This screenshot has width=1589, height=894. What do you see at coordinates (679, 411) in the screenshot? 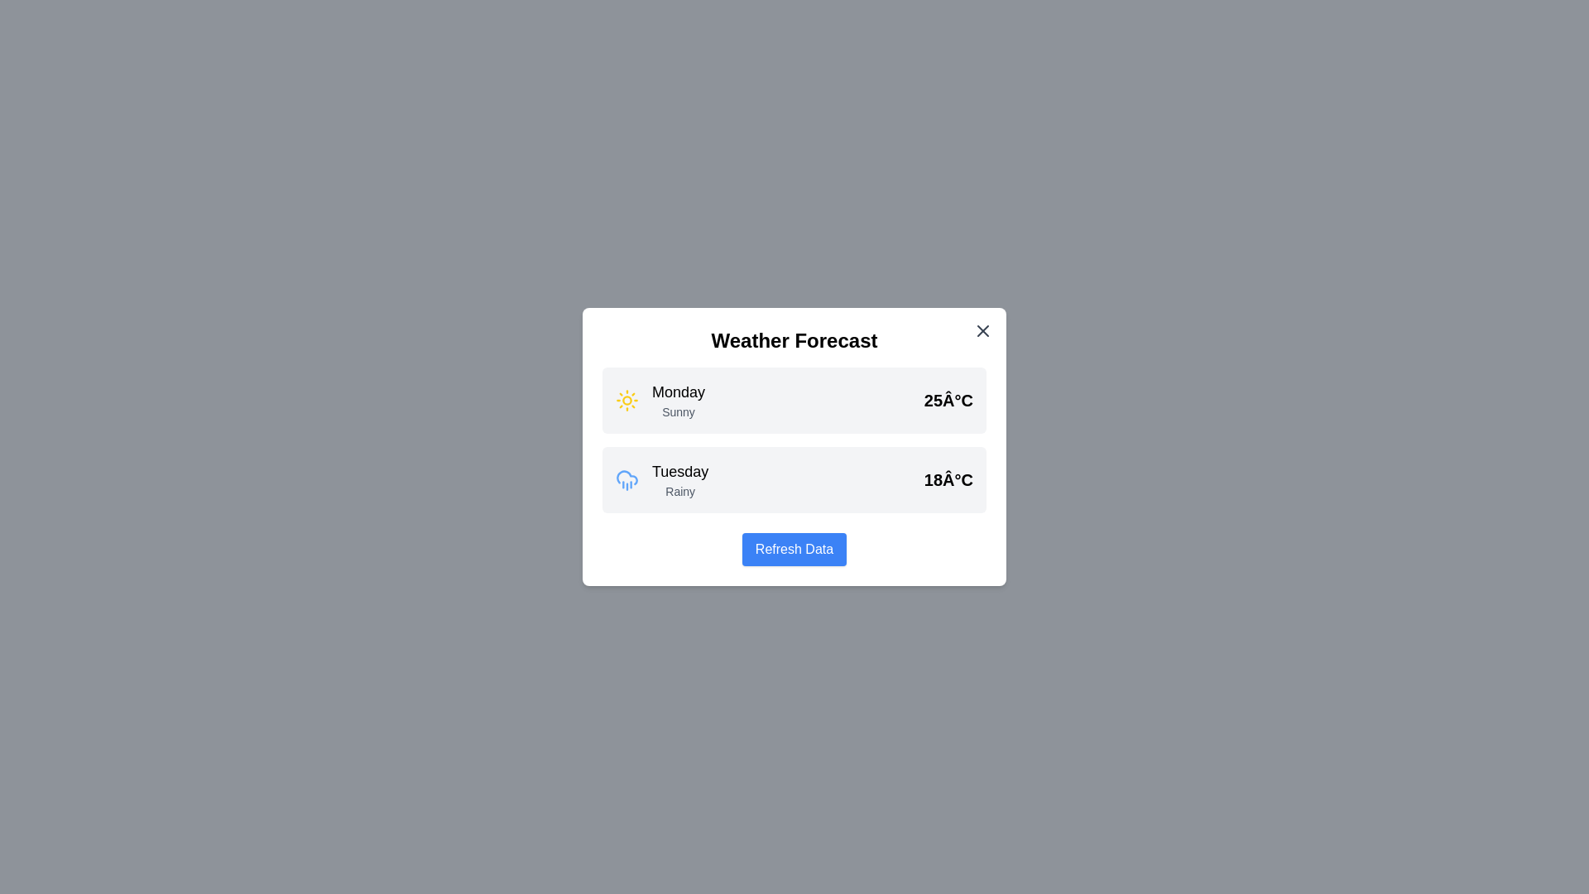
I see `the static text label providing weather conditions for Monday, located beneath the day name and beside the weather icon in the weather forecast card` at bounding box center [679, 411].